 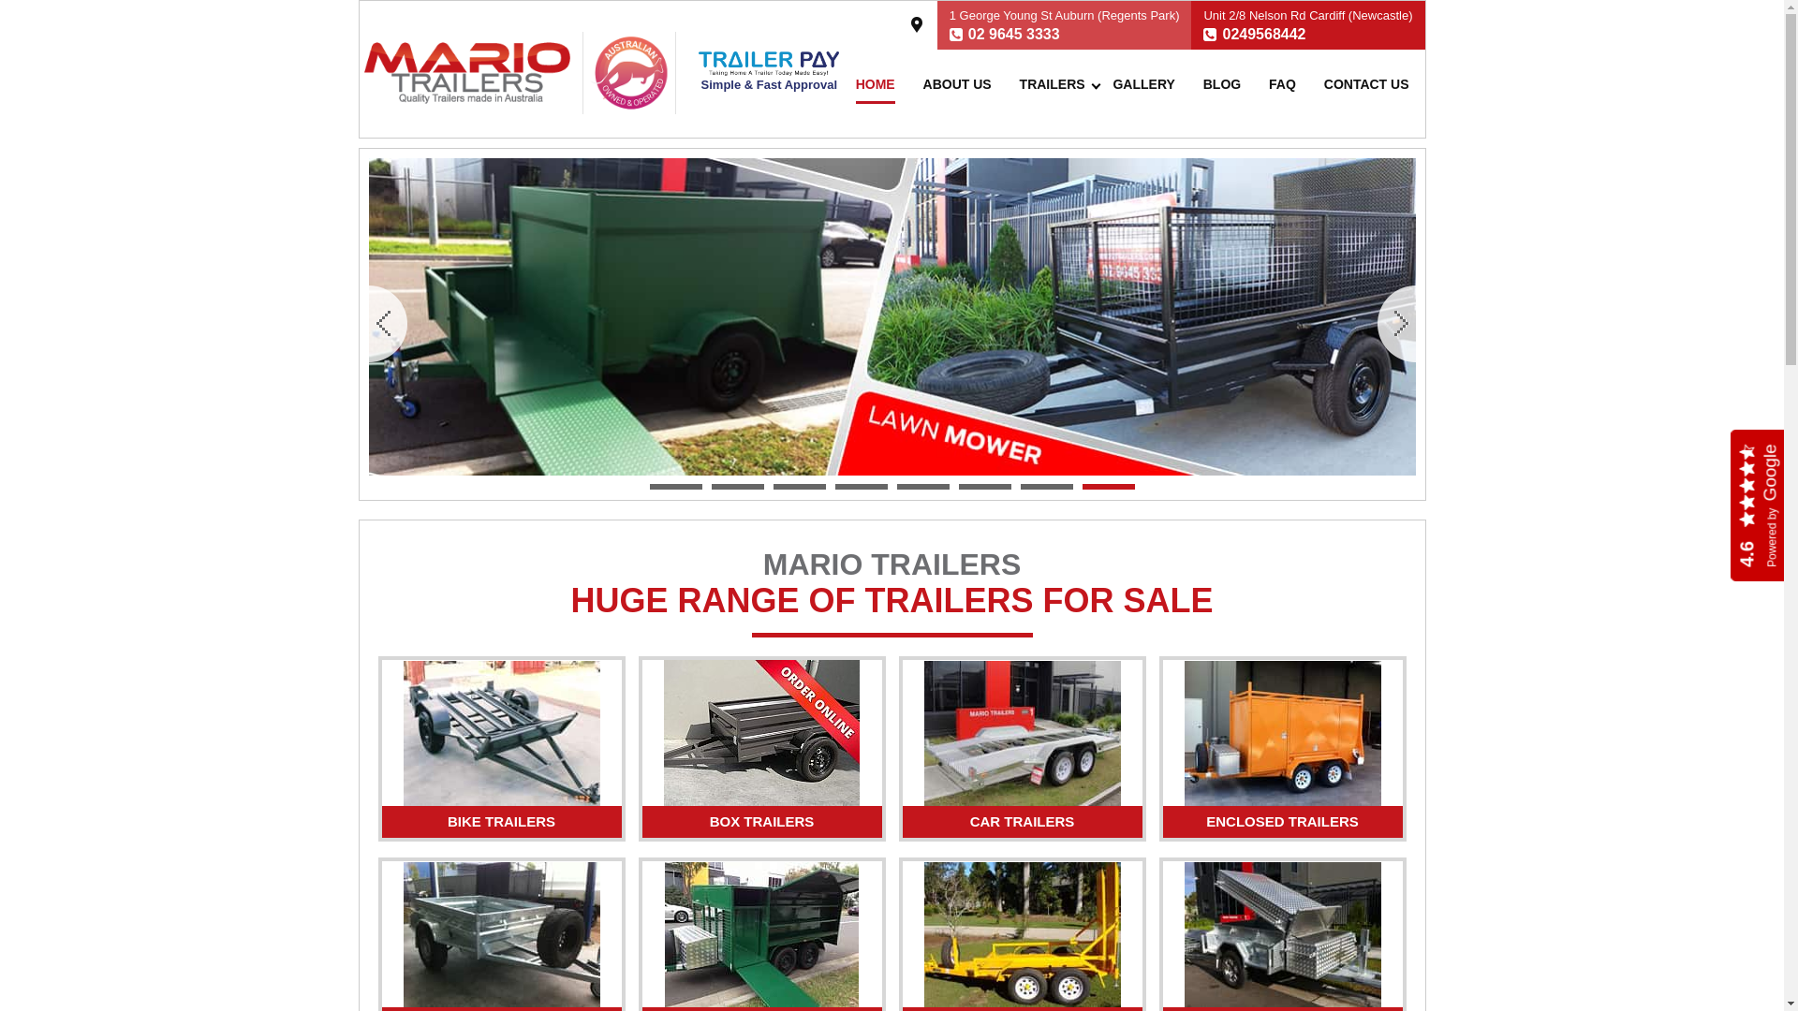 What do you see at coordinates (466, 71) in the screenshot?
I see `'Mario Trailers Sydney'` at bounding box center [466, 71].